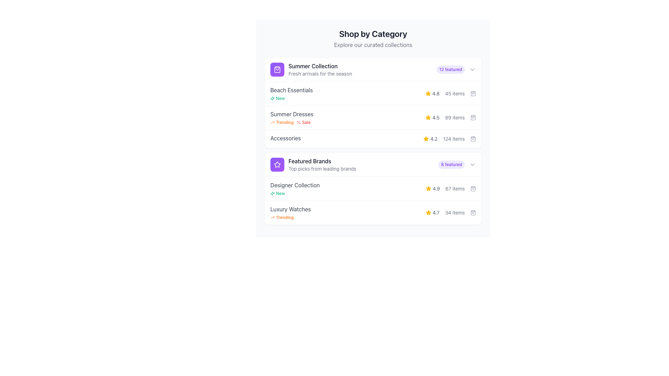 This screenshot has width=669, height=376. Describe the element at coordinates (455, 189) in the screenshot. I see `the text label displaying '67 items', which is positioned to the right of the star rating '4.9' and before the shopping bag icon in the 'Designer Collection' row under 'Featured Brands'` at that location.